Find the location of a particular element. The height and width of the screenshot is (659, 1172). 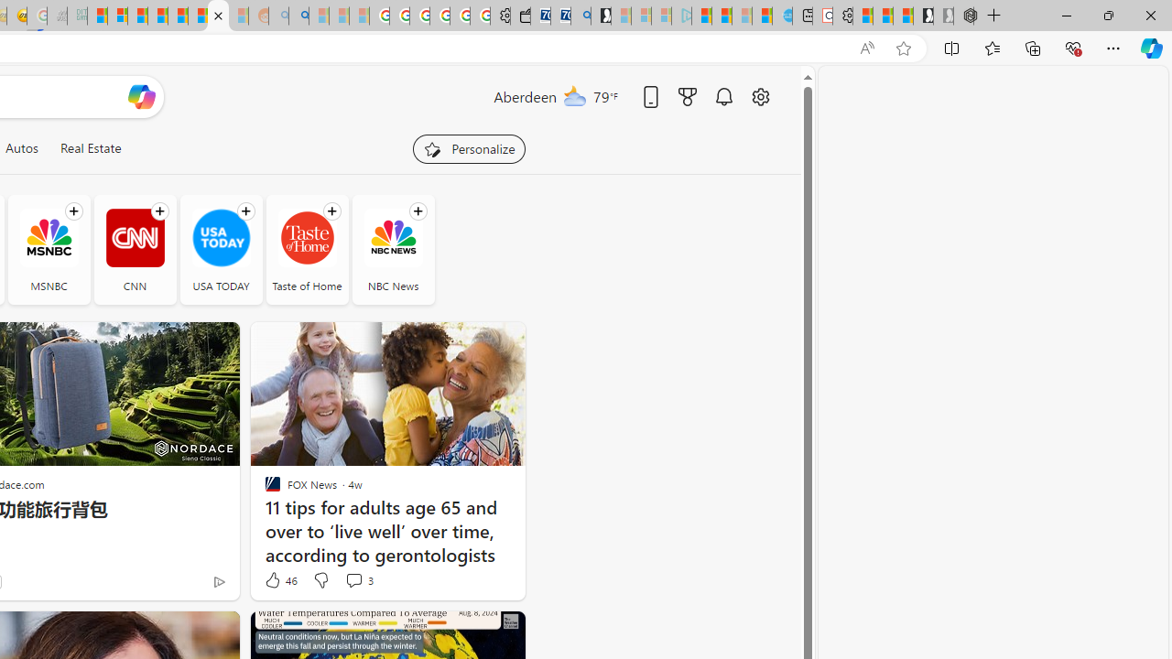

'Student Loan Update: Forgiveness Program Ends This Month' is located at coordinates (157, 16).